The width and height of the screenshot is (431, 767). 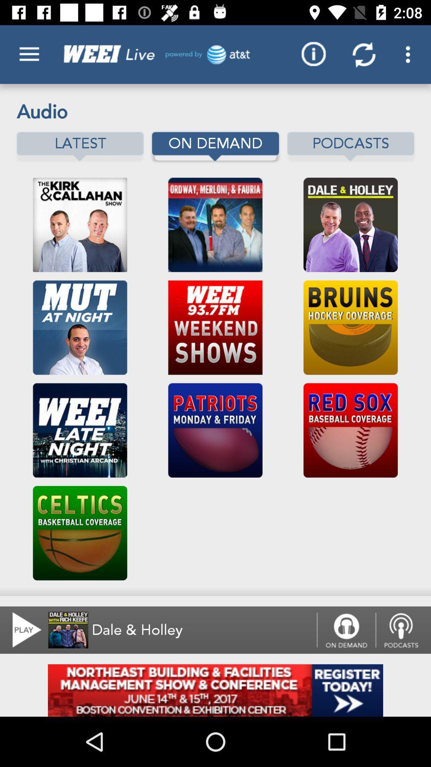 I want to click on move to the second image below podcasts, so click(x=350, y=328).